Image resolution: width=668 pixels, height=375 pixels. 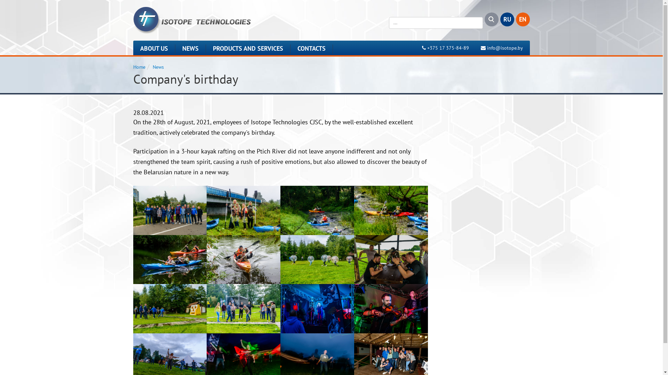 What do you see at coordinates (205, 49) in the screenshot?
I see `'PRODUCTS AND SERVICES'` at bounding box center [205, 49].